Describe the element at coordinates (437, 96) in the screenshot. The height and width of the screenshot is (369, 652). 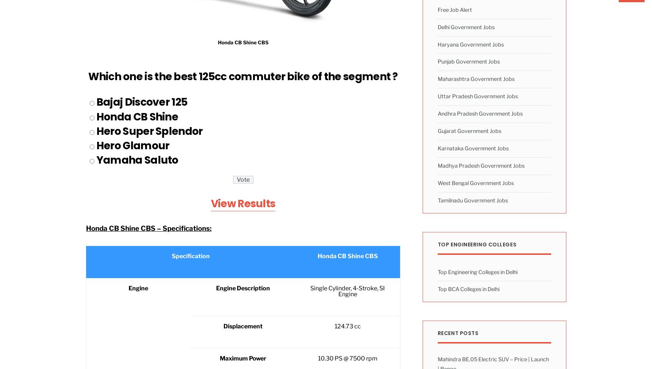
I see `'Uttar Pradesh Government Jobs'` at that location.